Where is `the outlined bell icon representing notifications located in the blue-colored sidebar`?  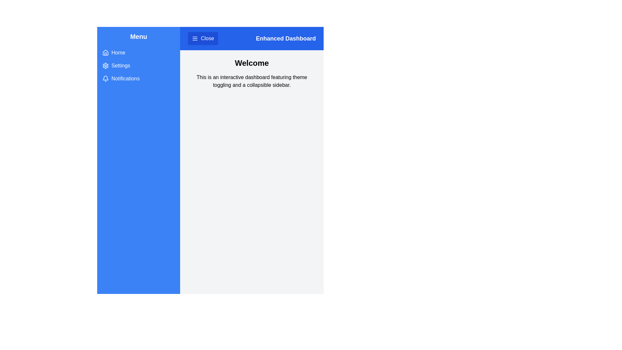
the outlined bell icon representing notifications located in the blue-colored sidebar is located at coordinates (106, 78).